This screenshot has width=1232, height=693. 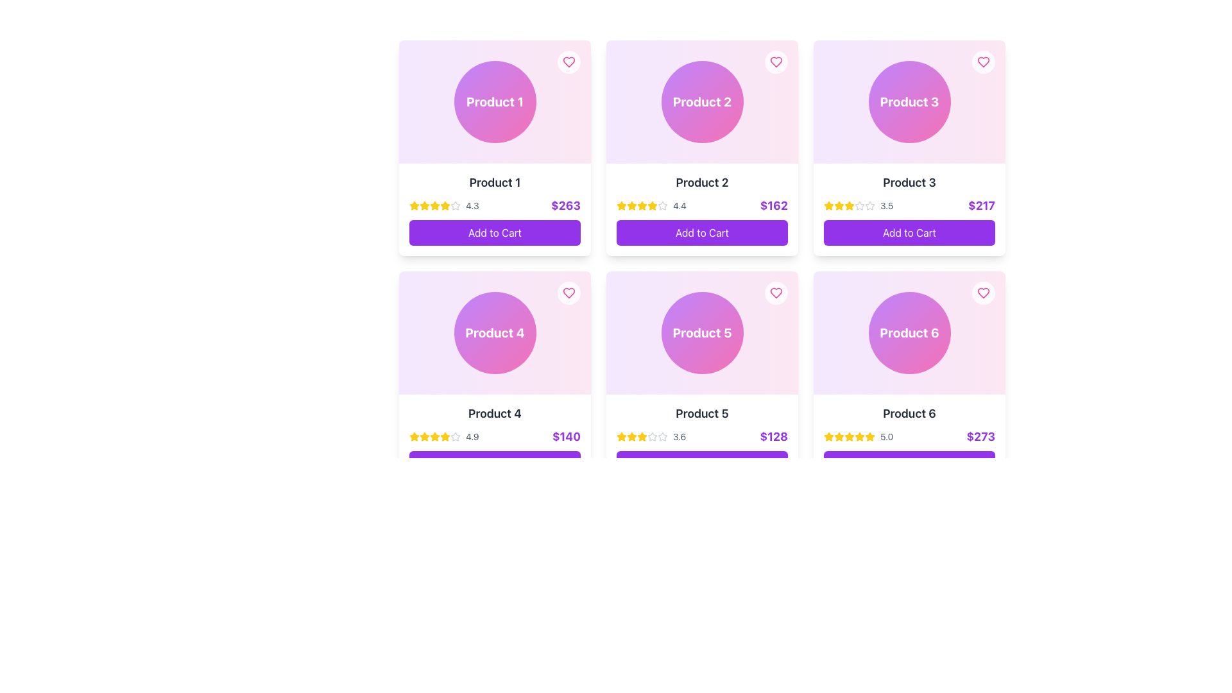 What do you see at coordinates (701, 209) in the screenshot?
I see `the rating section of the Product card interface element located in the second column of the first row` at bounding box center [701, 209].